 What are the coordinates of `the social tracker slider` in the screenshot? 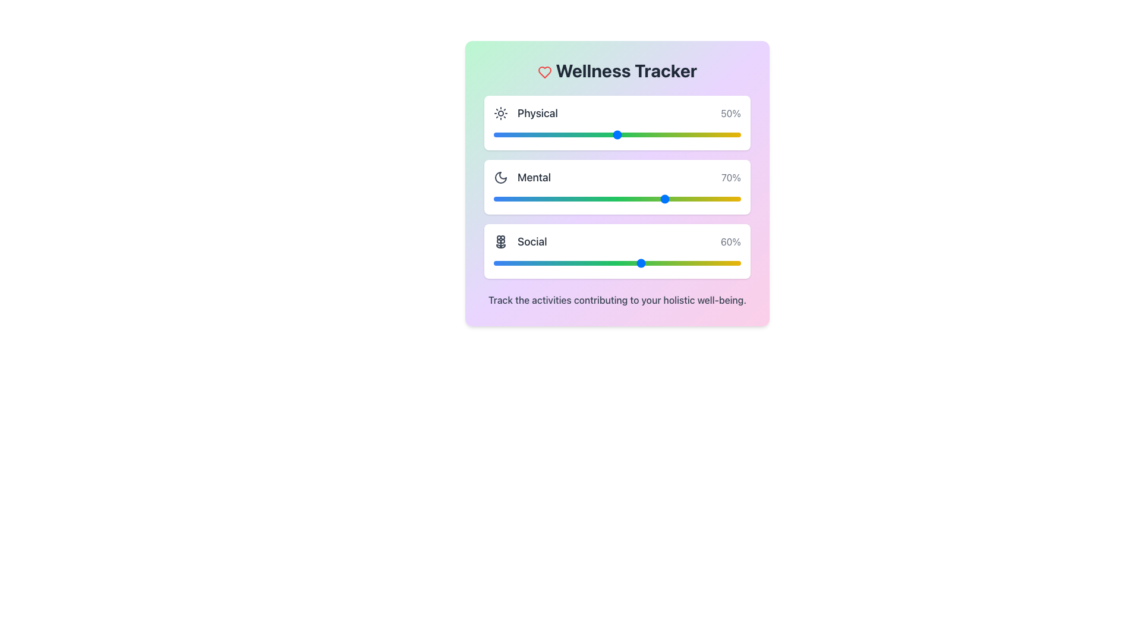 It's located at (537, 263).